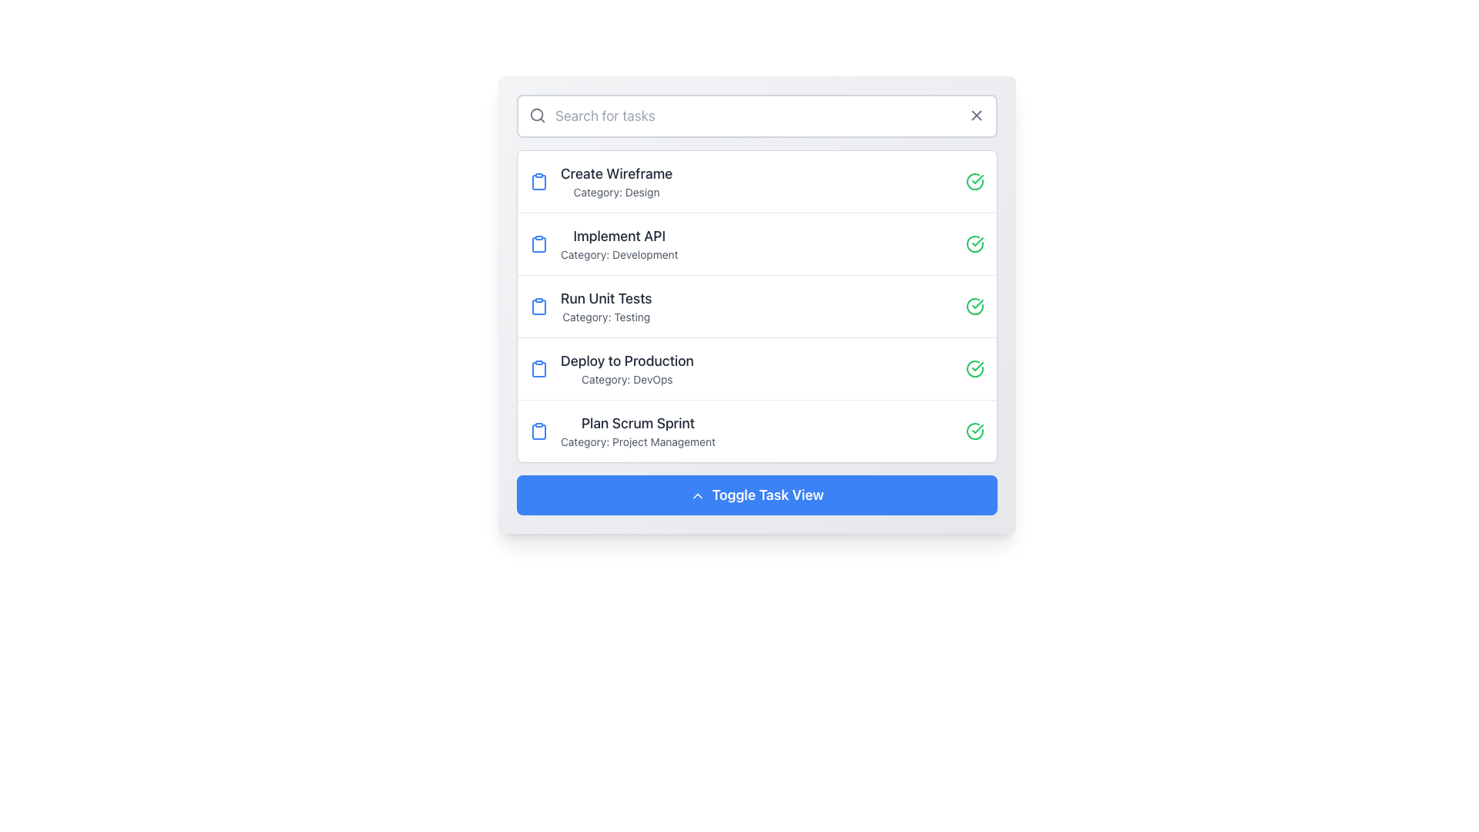 This screenshot has width=1479, height=832. What do you see at coordinates (605, 299) in the screenshot?
I see `the static text label that serves as the title for the current task item, located in the third row of the list interface, above the 'Category: Testing' text and within the row containing 'Run Unit Tests'` at bounding box center [605, 299].